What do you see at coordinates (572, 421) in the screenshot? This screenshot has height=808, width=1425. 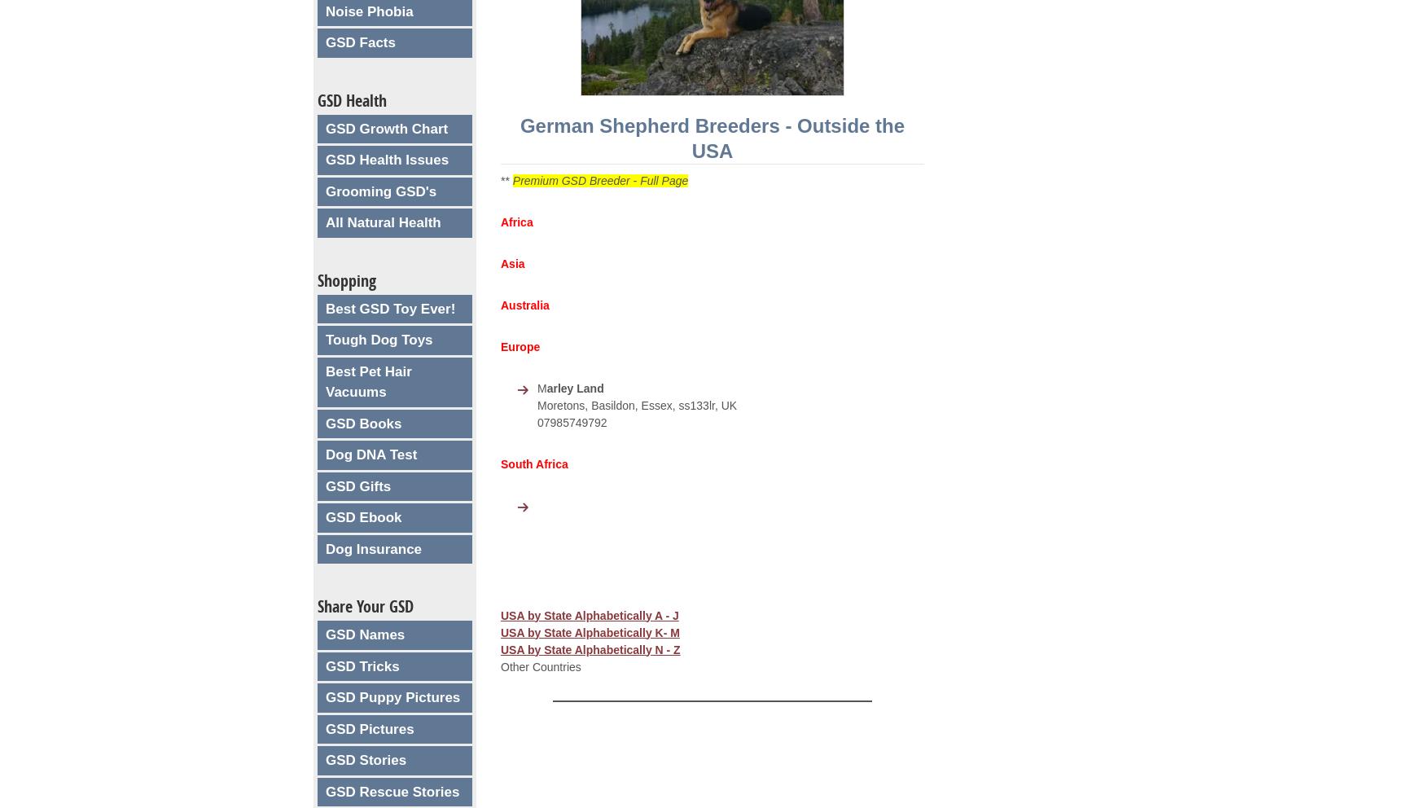 I see `'07985749792'` at bounding box center [572, 421].